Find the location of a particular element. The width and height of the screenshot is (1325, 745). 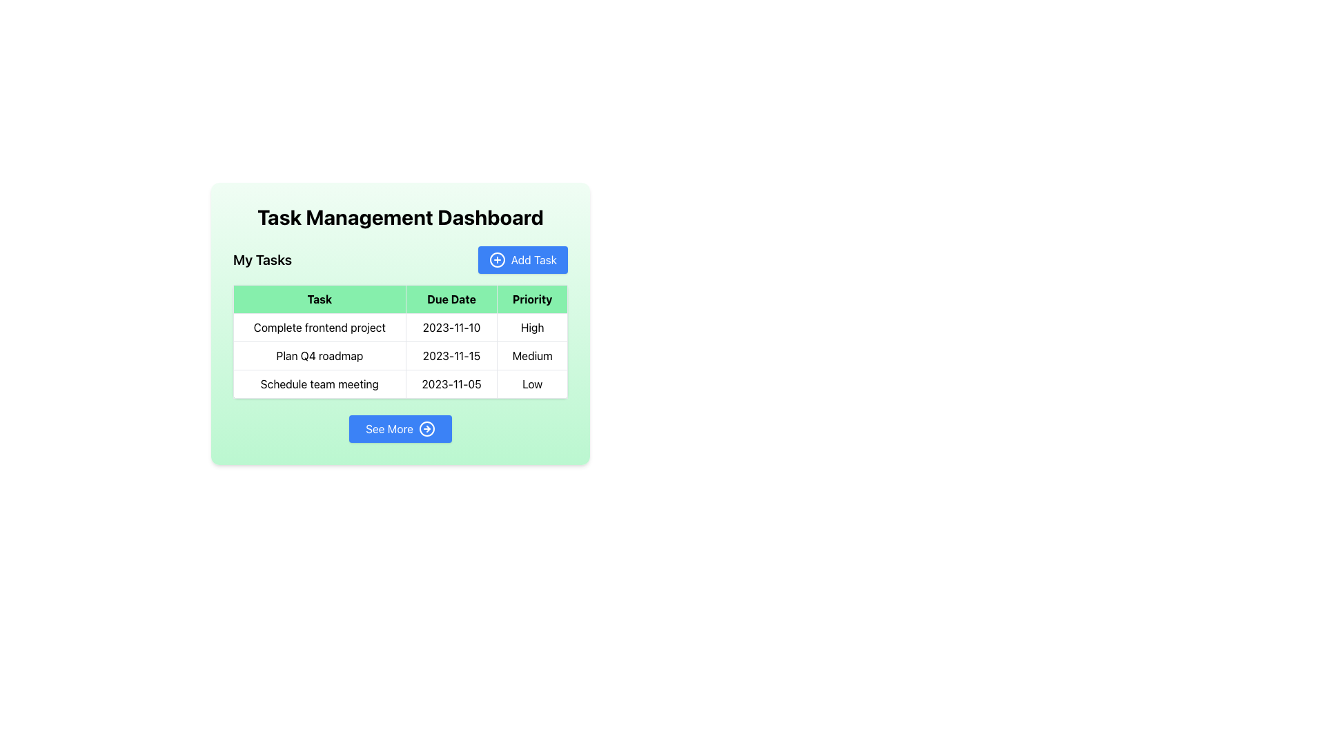

the icon representing the 'Add Task' button, located to the left of the text label 'Add Task' in the top-right corner of the task card is located at coordinates (497, 260).